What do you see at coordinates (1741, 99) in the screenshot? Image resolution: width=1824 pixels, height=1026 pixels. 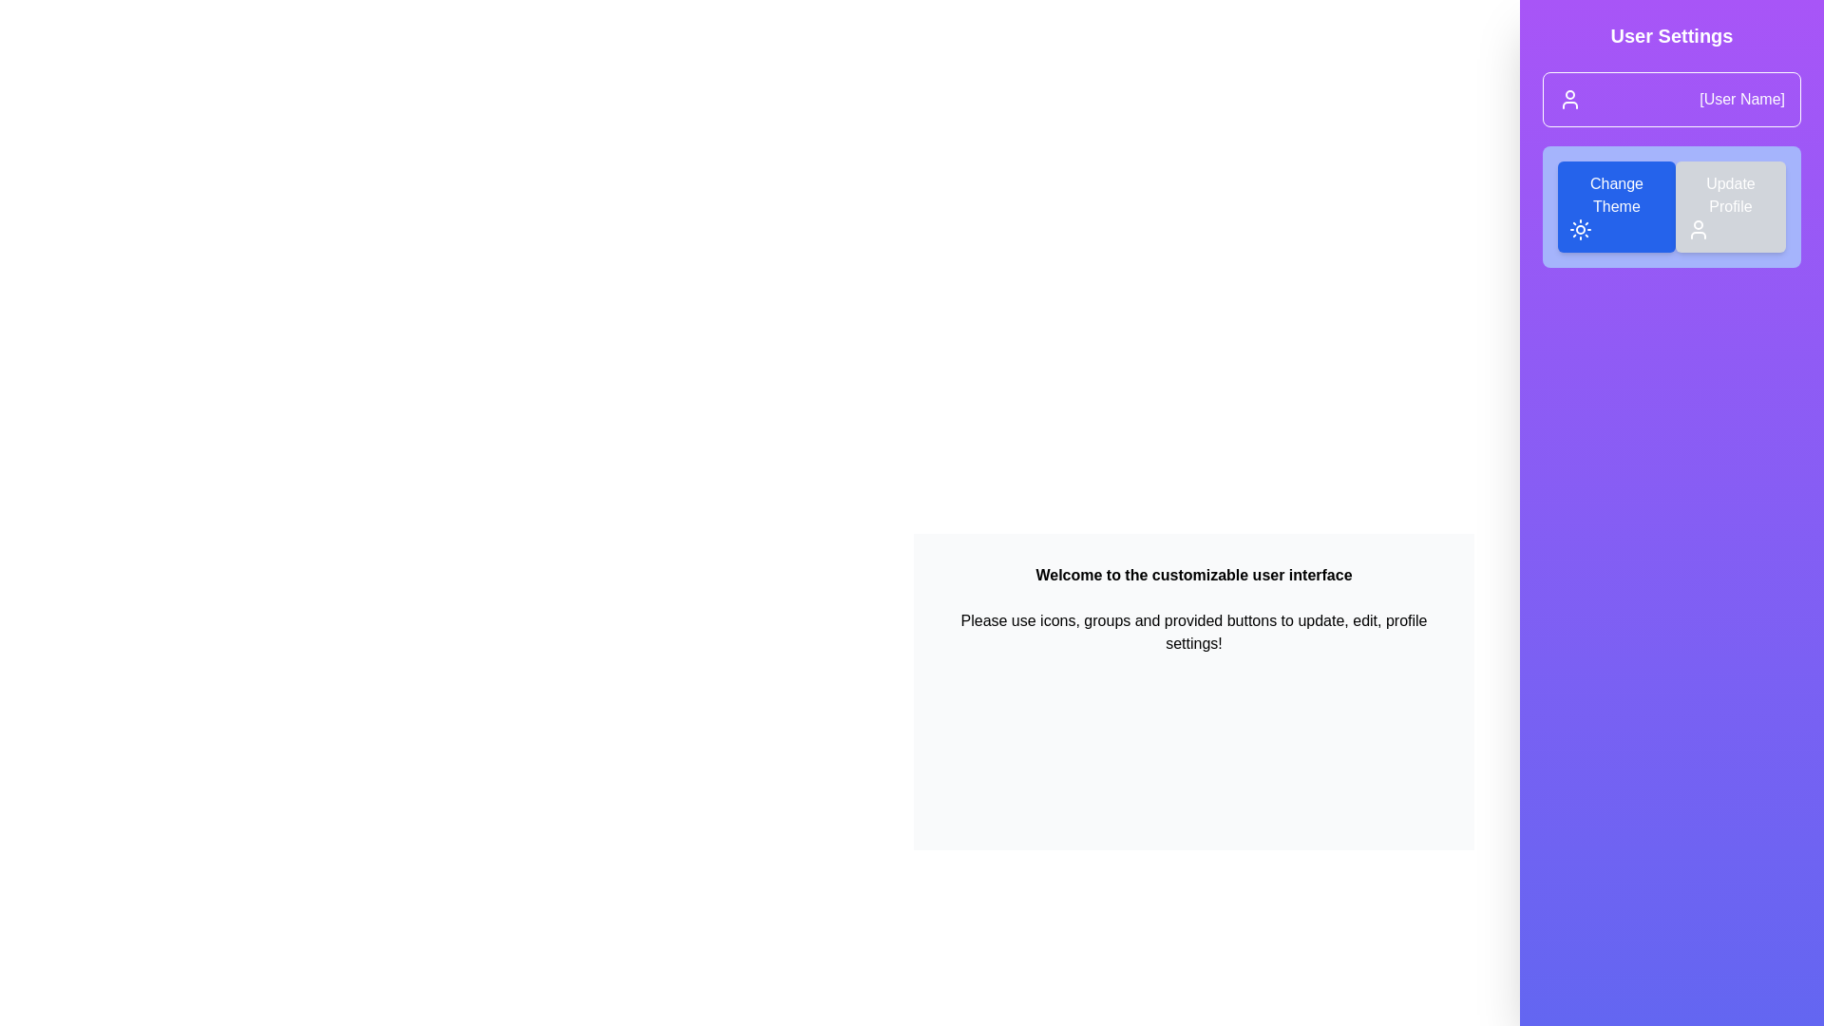 I see `the '[User Name]' label to interact with it` at bounding box center [1741, 99].